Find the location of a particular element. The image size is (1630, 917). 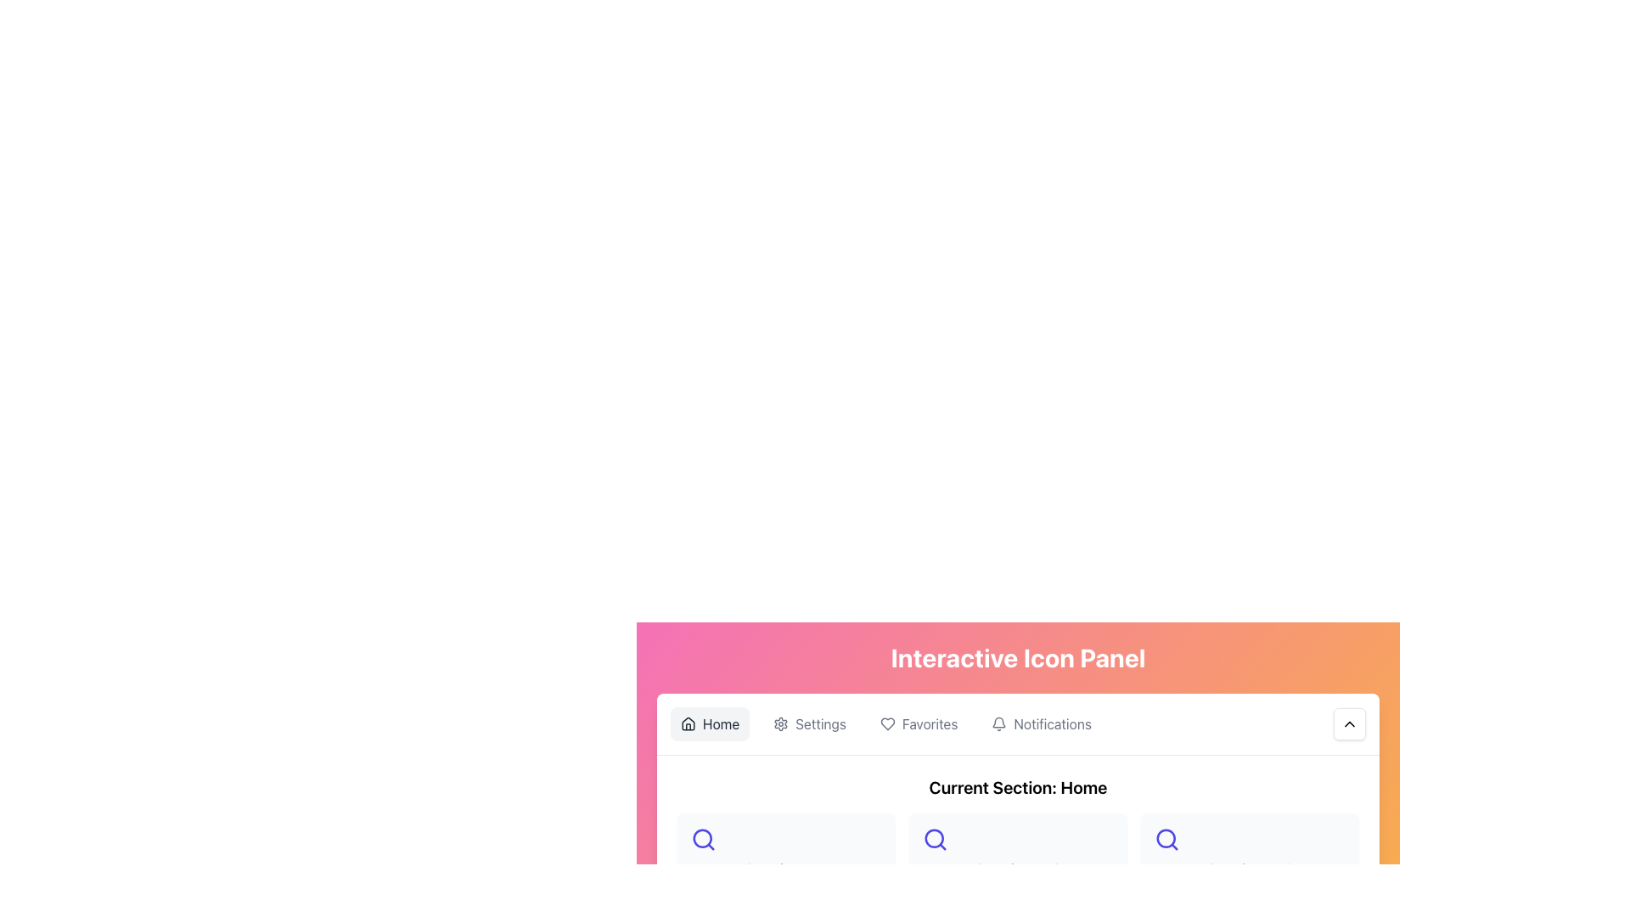

the 'House' icon, which visually represents the 'Home' section in the interface, located at the top left corner of the menu bar adjacent to the 'Home' label is located at coordinates (689, 723).